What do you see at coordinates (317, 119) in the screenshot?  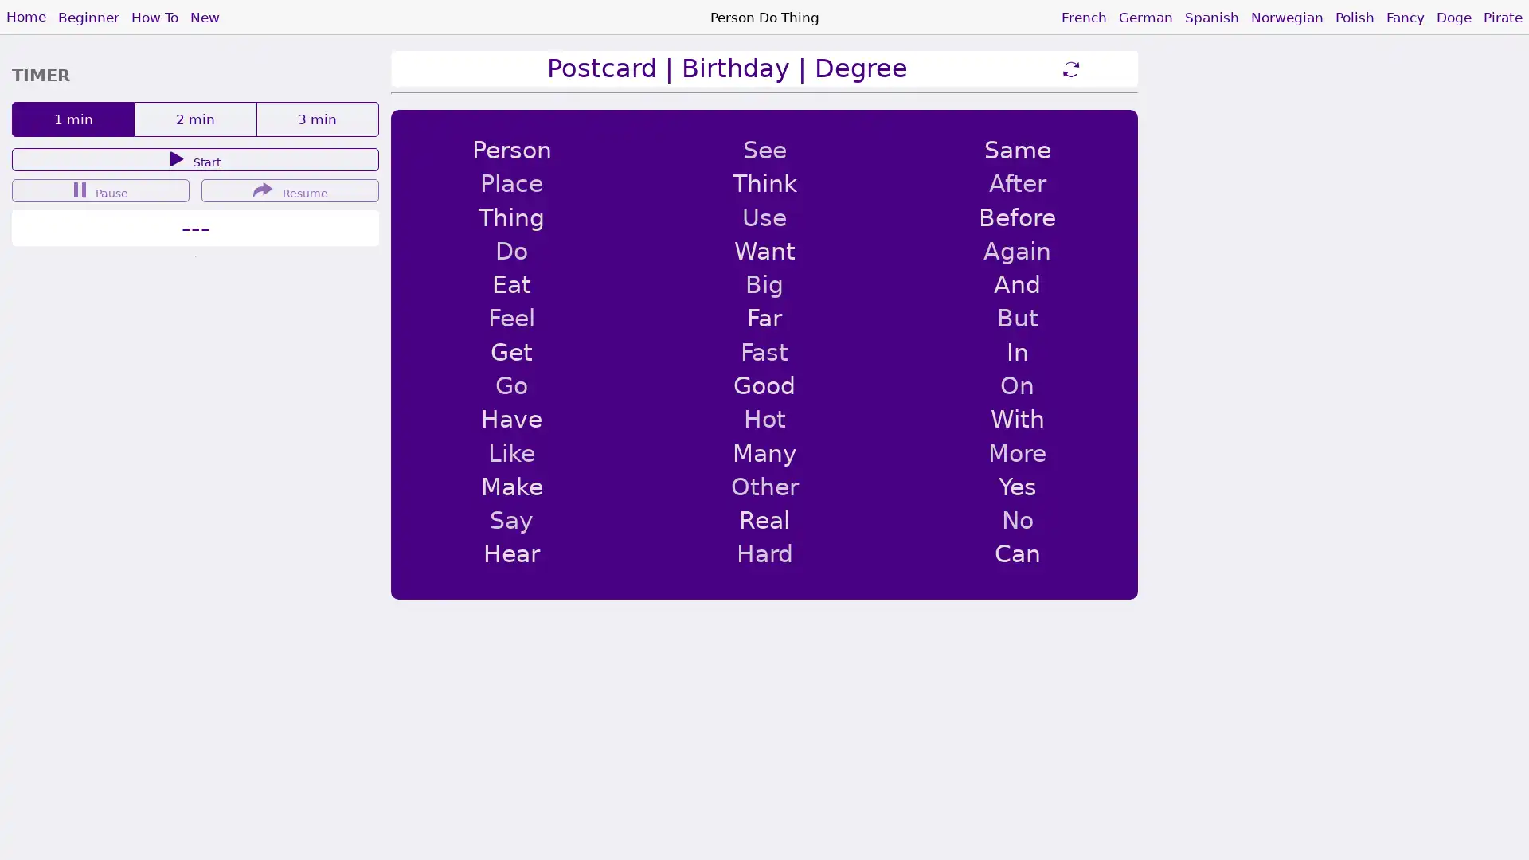 I see `3 min` at bounding box center [317, 119].